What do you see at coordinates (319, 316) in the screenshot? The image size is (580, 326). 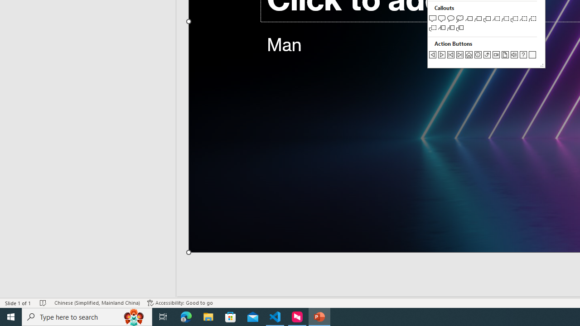 I see `'PowerPoint - 1 running window'` at bounding box center [319, 316].